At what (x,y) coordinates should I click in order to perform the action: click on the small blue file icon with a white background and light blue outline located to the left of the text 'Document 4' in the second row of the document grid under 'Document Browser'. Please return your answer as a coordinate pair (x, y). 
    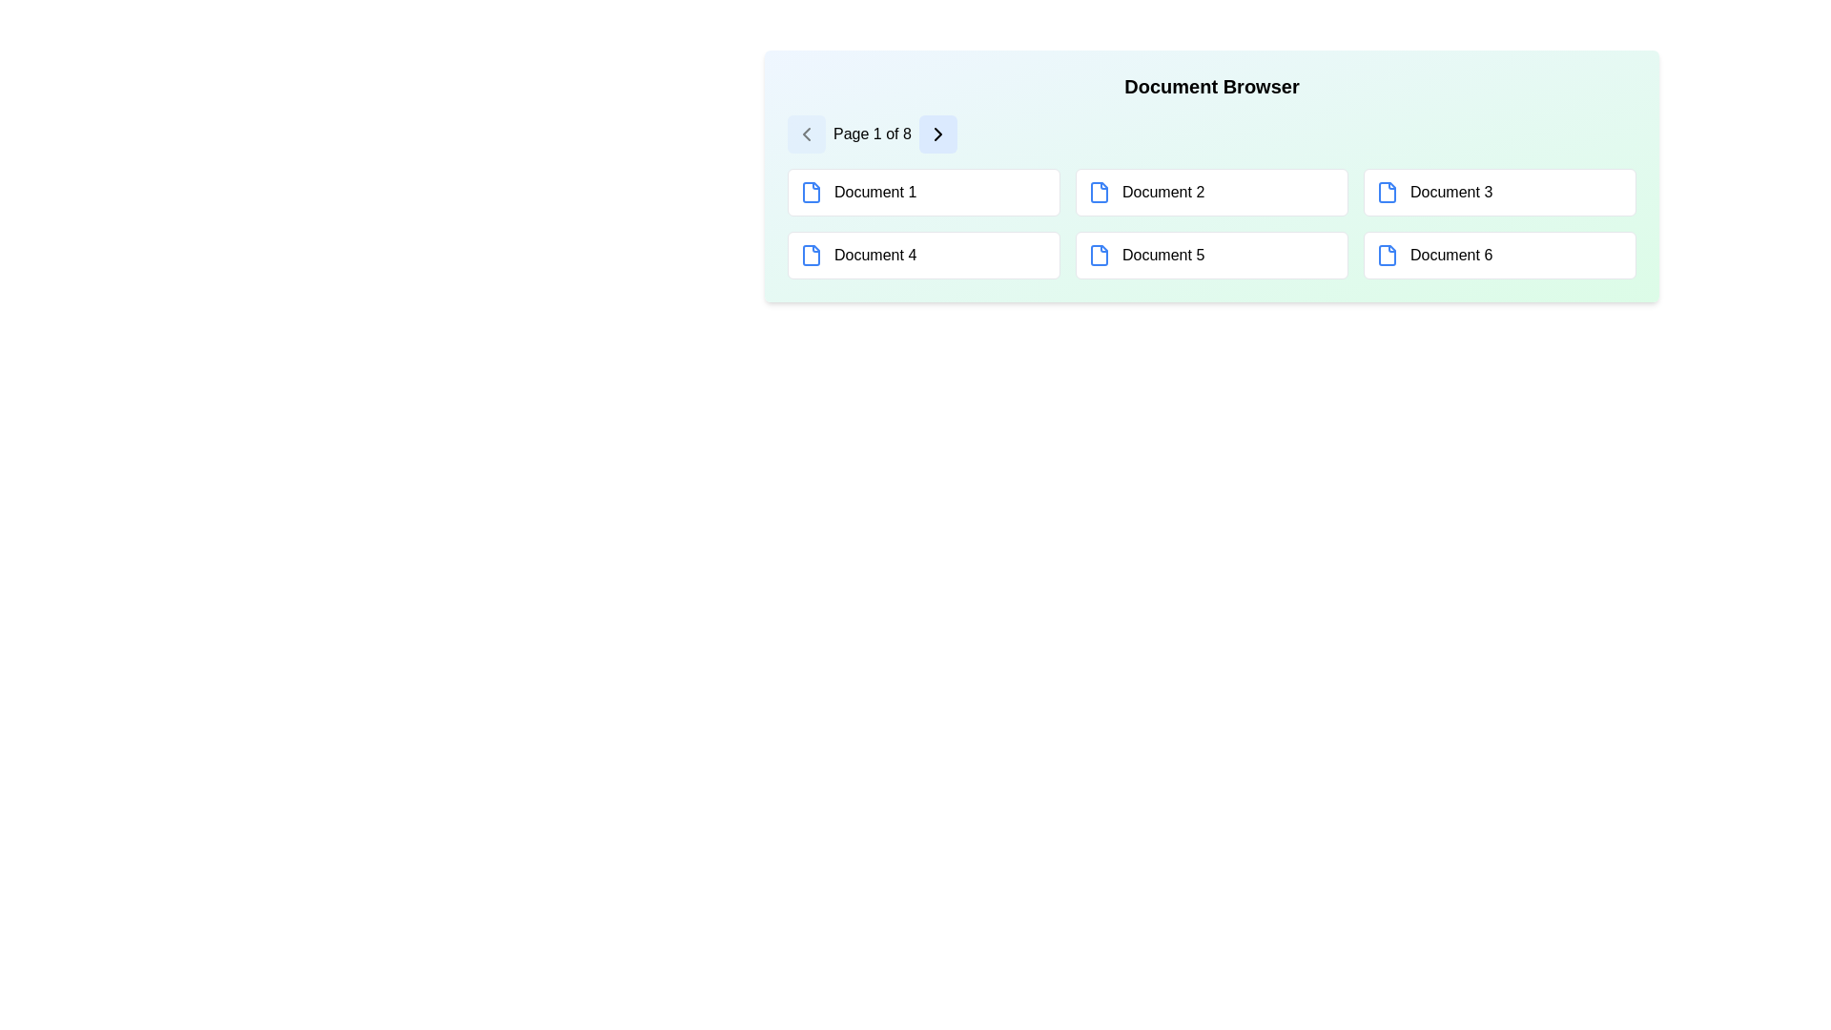
    Looking at the image, I should click on (811, 254).